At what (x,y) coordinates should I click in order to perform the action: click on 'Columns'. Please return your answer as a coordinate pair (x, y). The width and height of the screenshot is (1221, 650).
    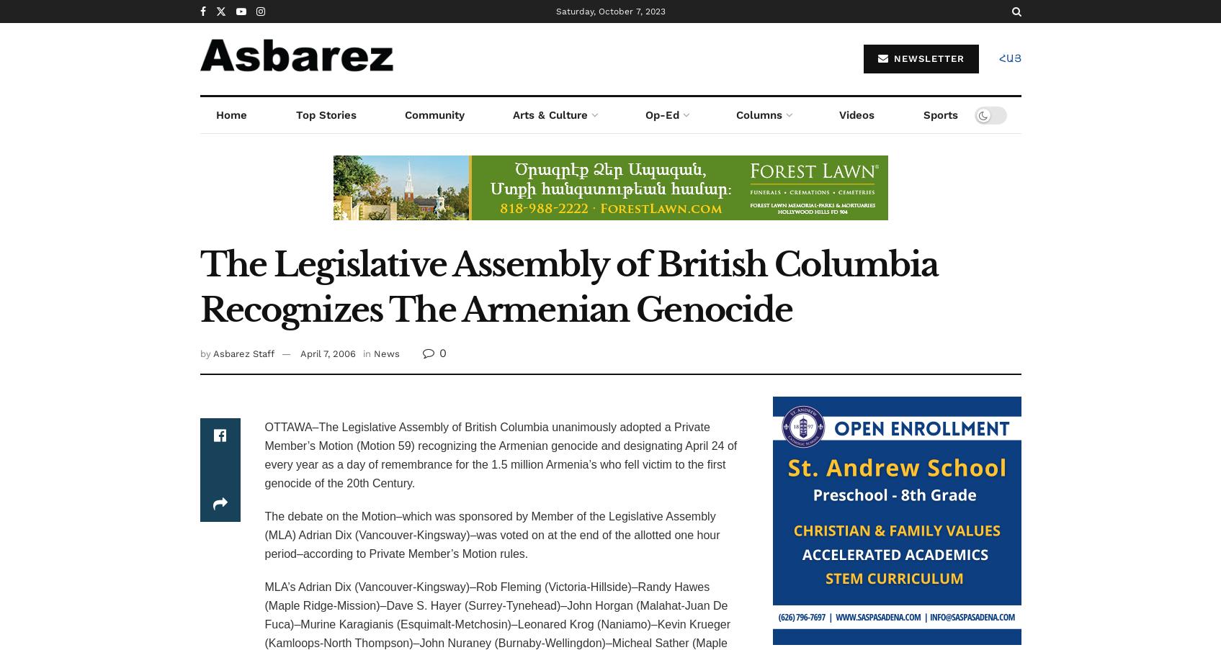
    Looking at the image, I should click on (759, 114).